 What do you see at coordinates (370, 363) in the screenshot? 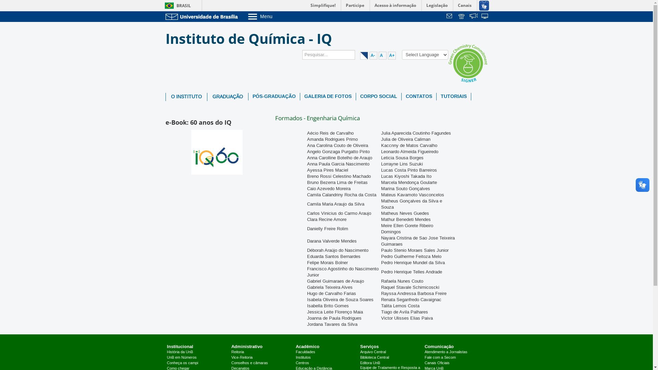
I see `'Editora UnB'` at bounding box center [370, 363].